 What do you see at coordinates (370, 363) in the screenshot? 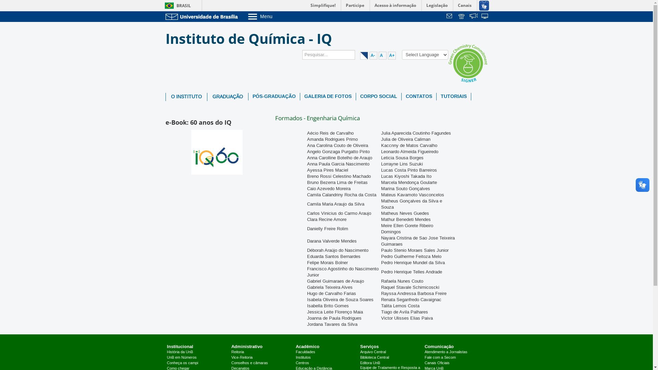
I see `'Editora UnB'` at bounding box center [370, 363].